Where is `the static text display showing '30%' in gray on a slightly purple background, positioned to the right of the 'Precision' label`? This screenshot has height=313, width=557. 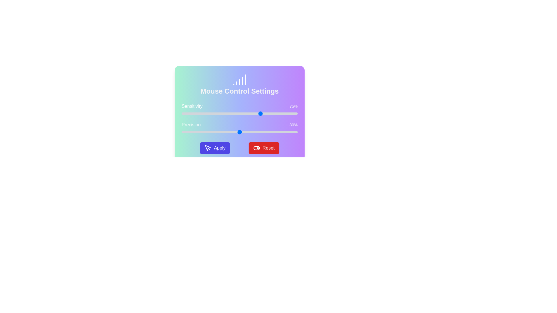
the static text display showing '30%' in gray on a slightly purple background, positioned to the right of the 'Precision' label is located at coordinates (294, 125).